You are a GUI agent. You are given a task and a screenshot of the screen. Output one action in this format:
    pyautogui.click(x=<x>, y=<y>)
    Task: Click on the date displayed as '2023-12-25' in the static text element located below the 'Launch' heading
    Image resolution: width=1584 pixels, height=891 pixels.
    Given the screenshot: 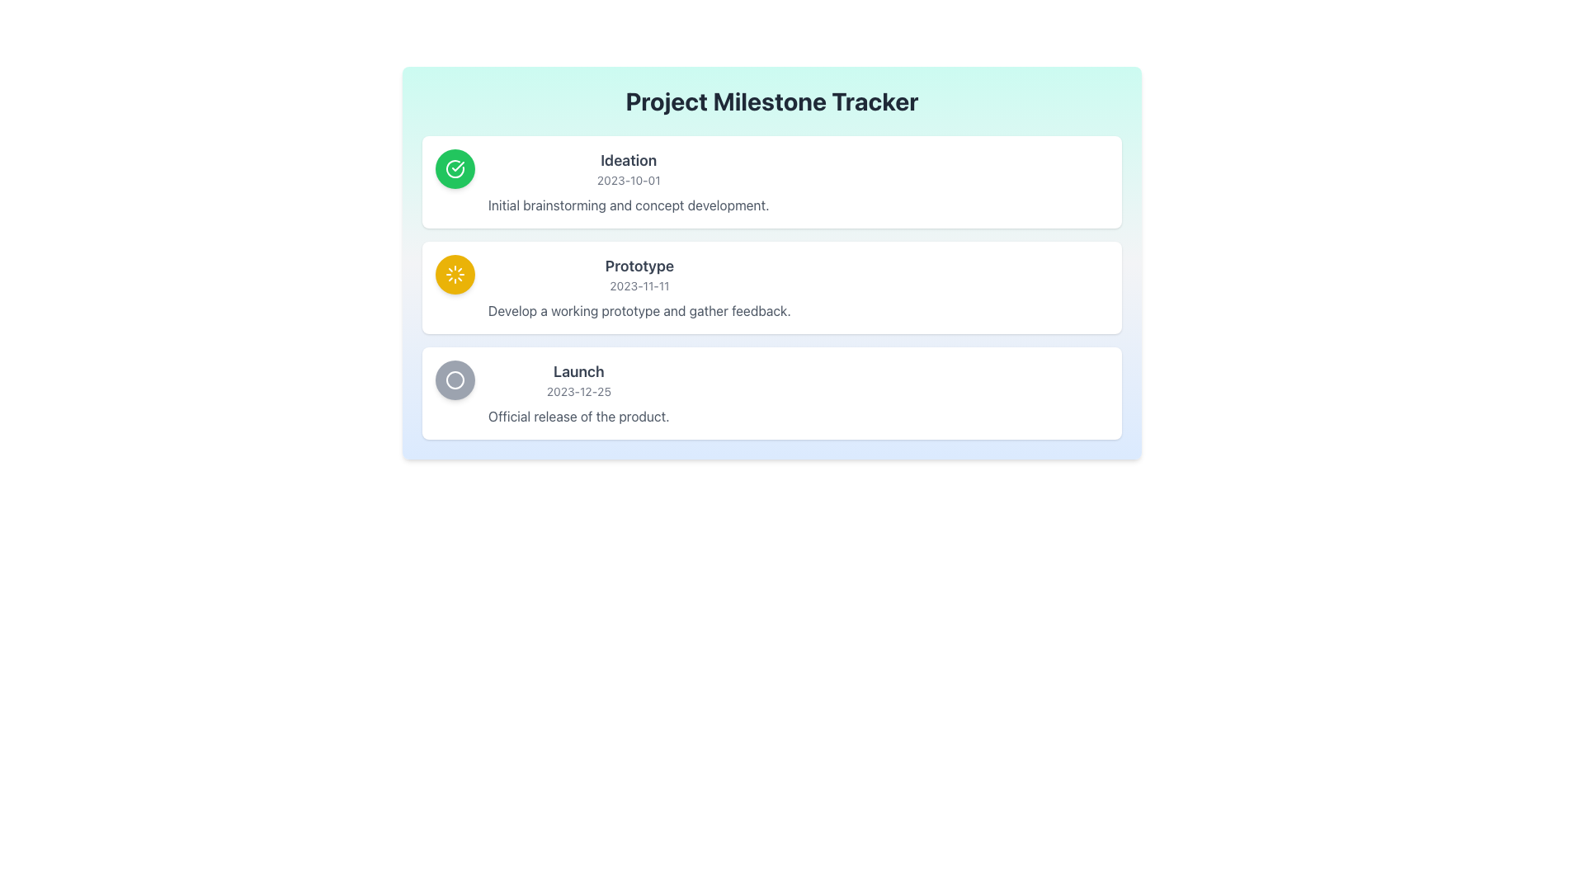 What is the action you would take?
    pyautogui.click(x=578, y=391)
    